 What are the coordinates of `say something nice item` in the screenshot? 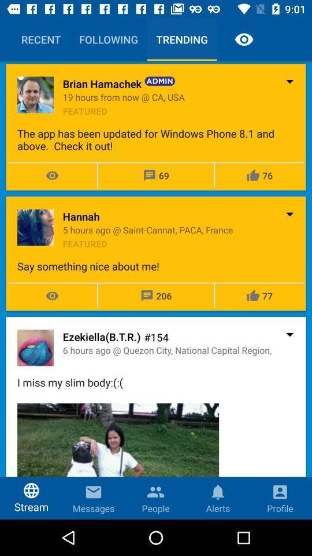 It's located at (156, 266).